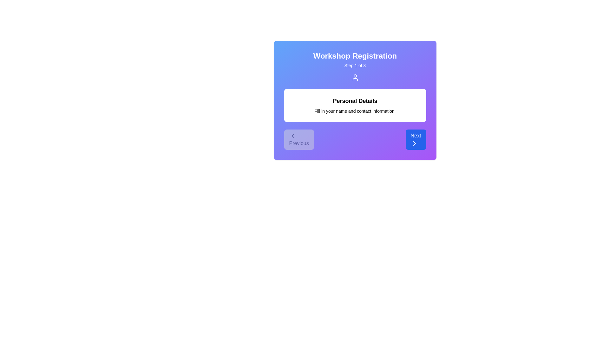 Image resolution: width=609 pixels, height=342 pixels. What do you see at coordinates (292, 135) in the screenshot?
I see `the left-facing chevron icon inside the 'Previous' button located in the lower-left section of the registration form` at bounding box center [292, 135].